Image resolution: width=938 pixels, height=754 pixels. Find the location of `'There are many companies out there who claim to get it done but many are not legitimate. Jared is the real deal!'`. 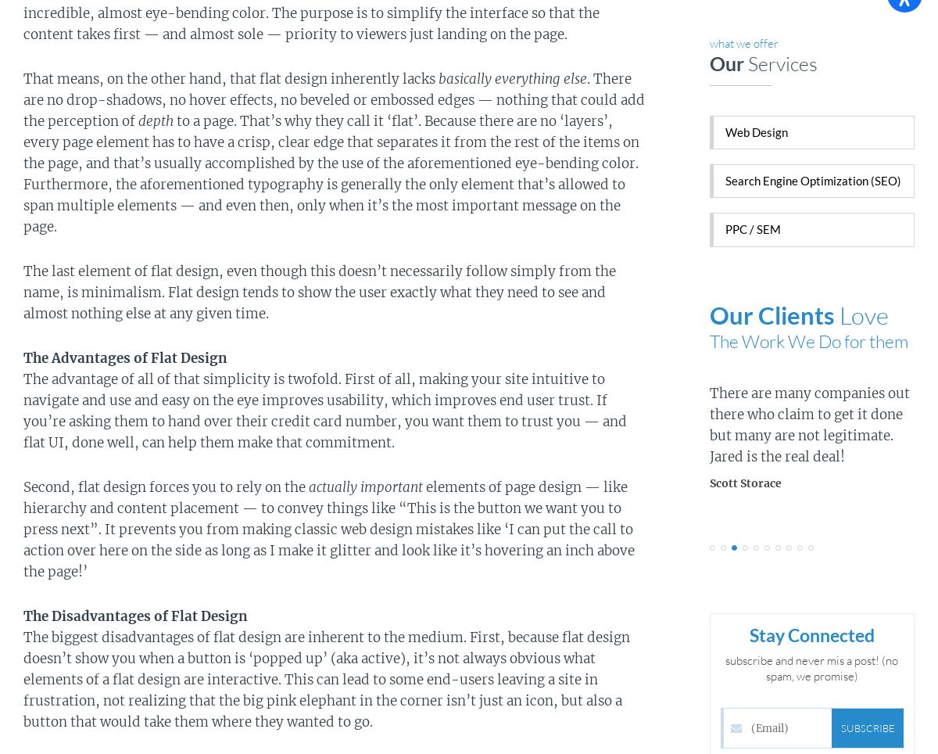

'There are many companies out there who claim to get it done but many are not legitimate. Jared is the real deal!' is located at coordinates (809, 425).